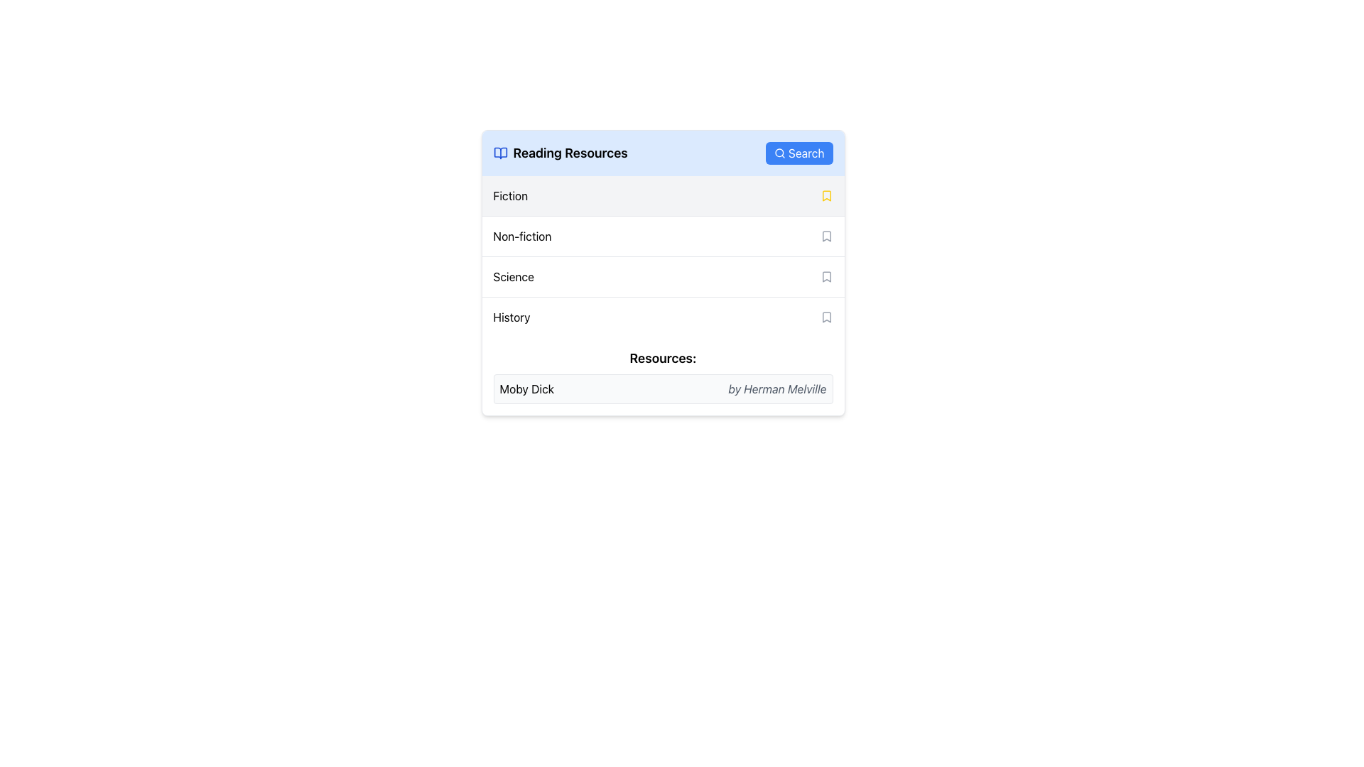 The height and width of the screenshot is (767, 1364). Describe the element at coordinates (521, 235) in the screenshot. I see `the text label displaying 'Non-fiction', which is located below the header 'Reading Resources' and is the second item in the list` at that location.